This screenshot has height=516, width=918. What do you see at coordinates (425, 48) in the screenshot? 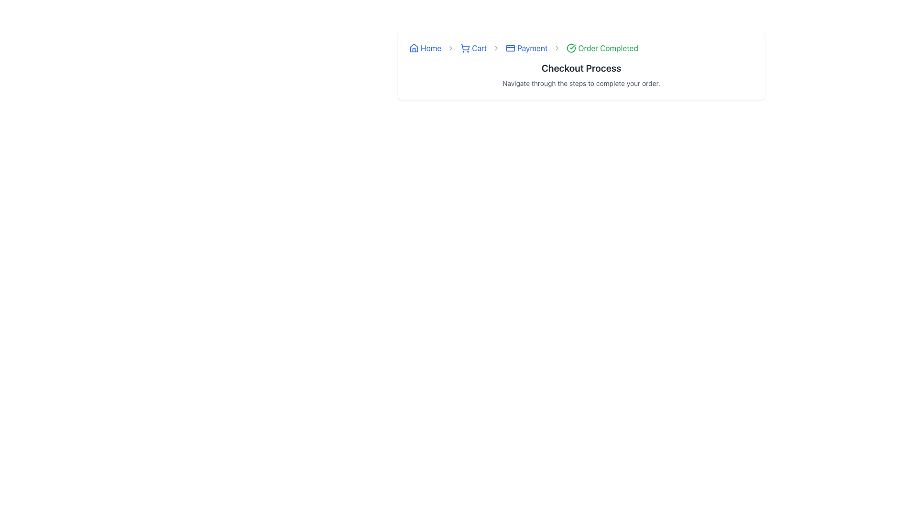
I see `the navigational link with text and an icon that directs the user back to the homepage, located in the horizontal breadcrumb trail at the top-left of the UI` at bounding box center [425, 48].